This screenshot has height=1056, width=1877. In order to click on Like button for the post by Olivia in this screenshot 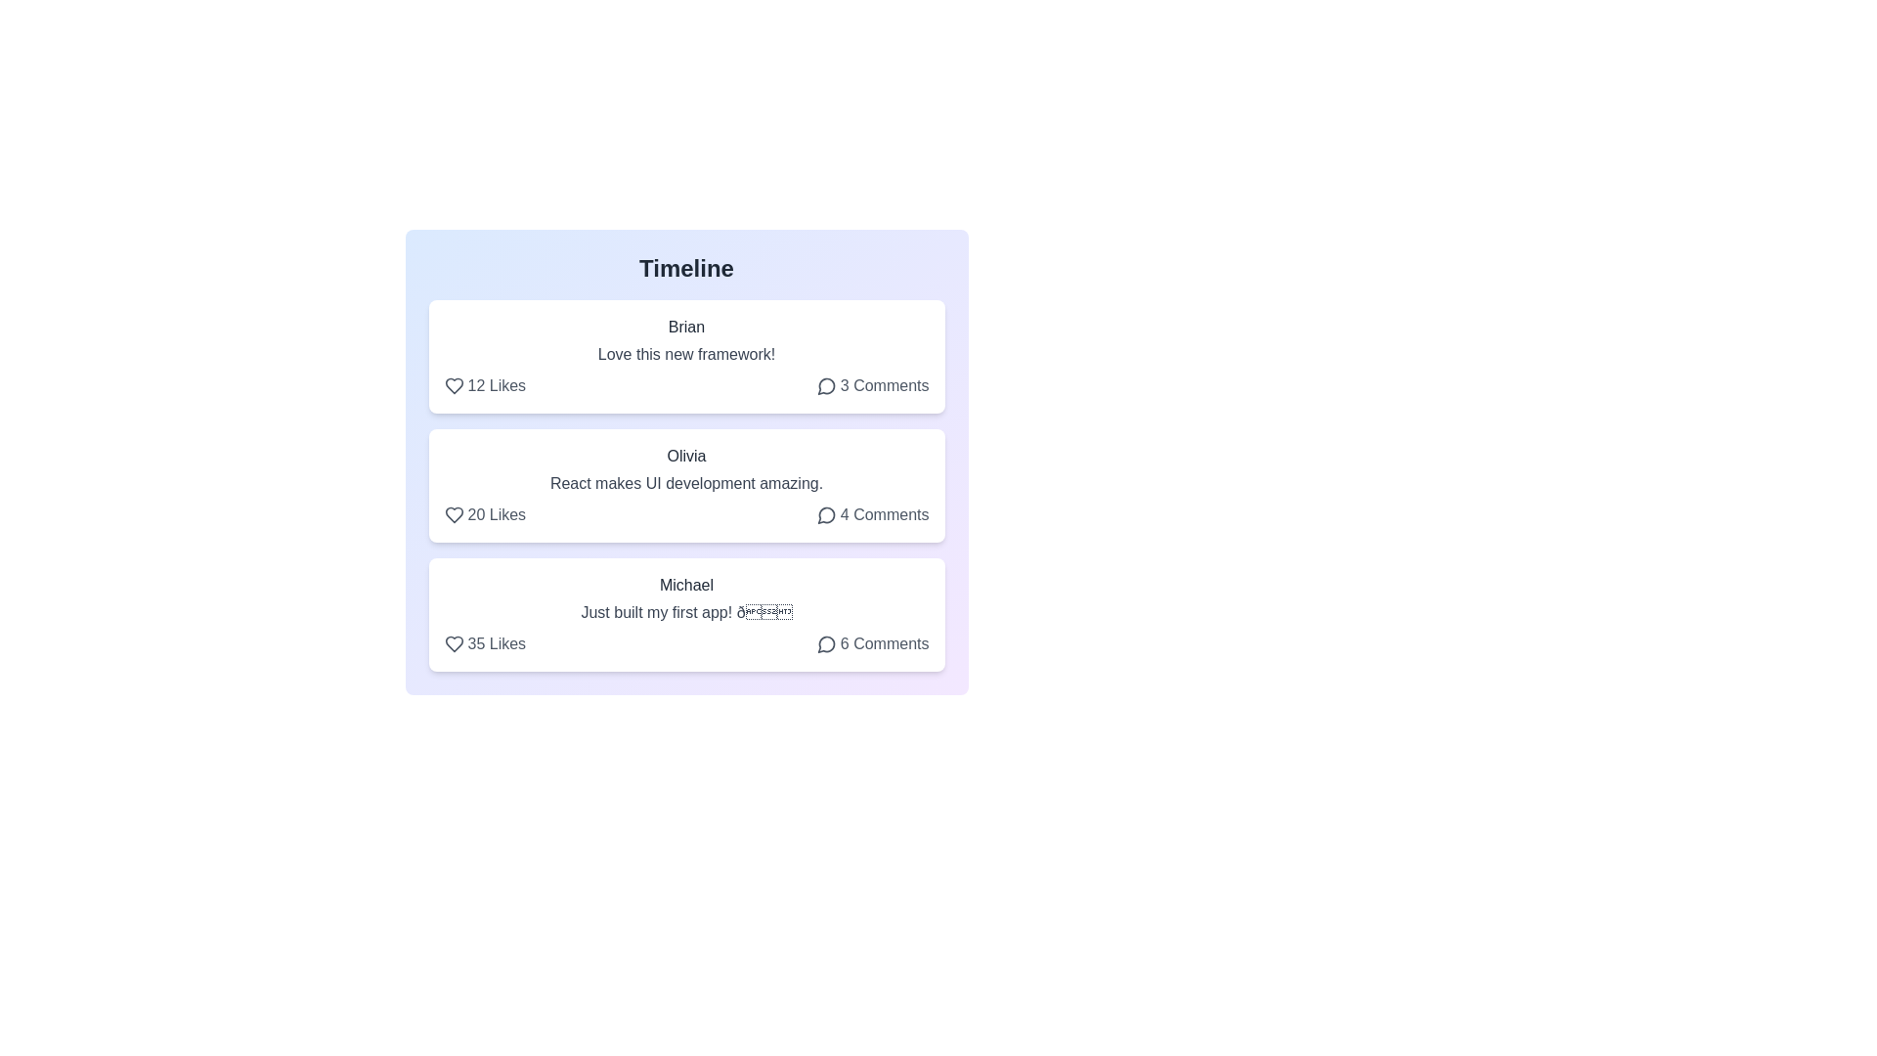, I will do `click(485, 514)`.